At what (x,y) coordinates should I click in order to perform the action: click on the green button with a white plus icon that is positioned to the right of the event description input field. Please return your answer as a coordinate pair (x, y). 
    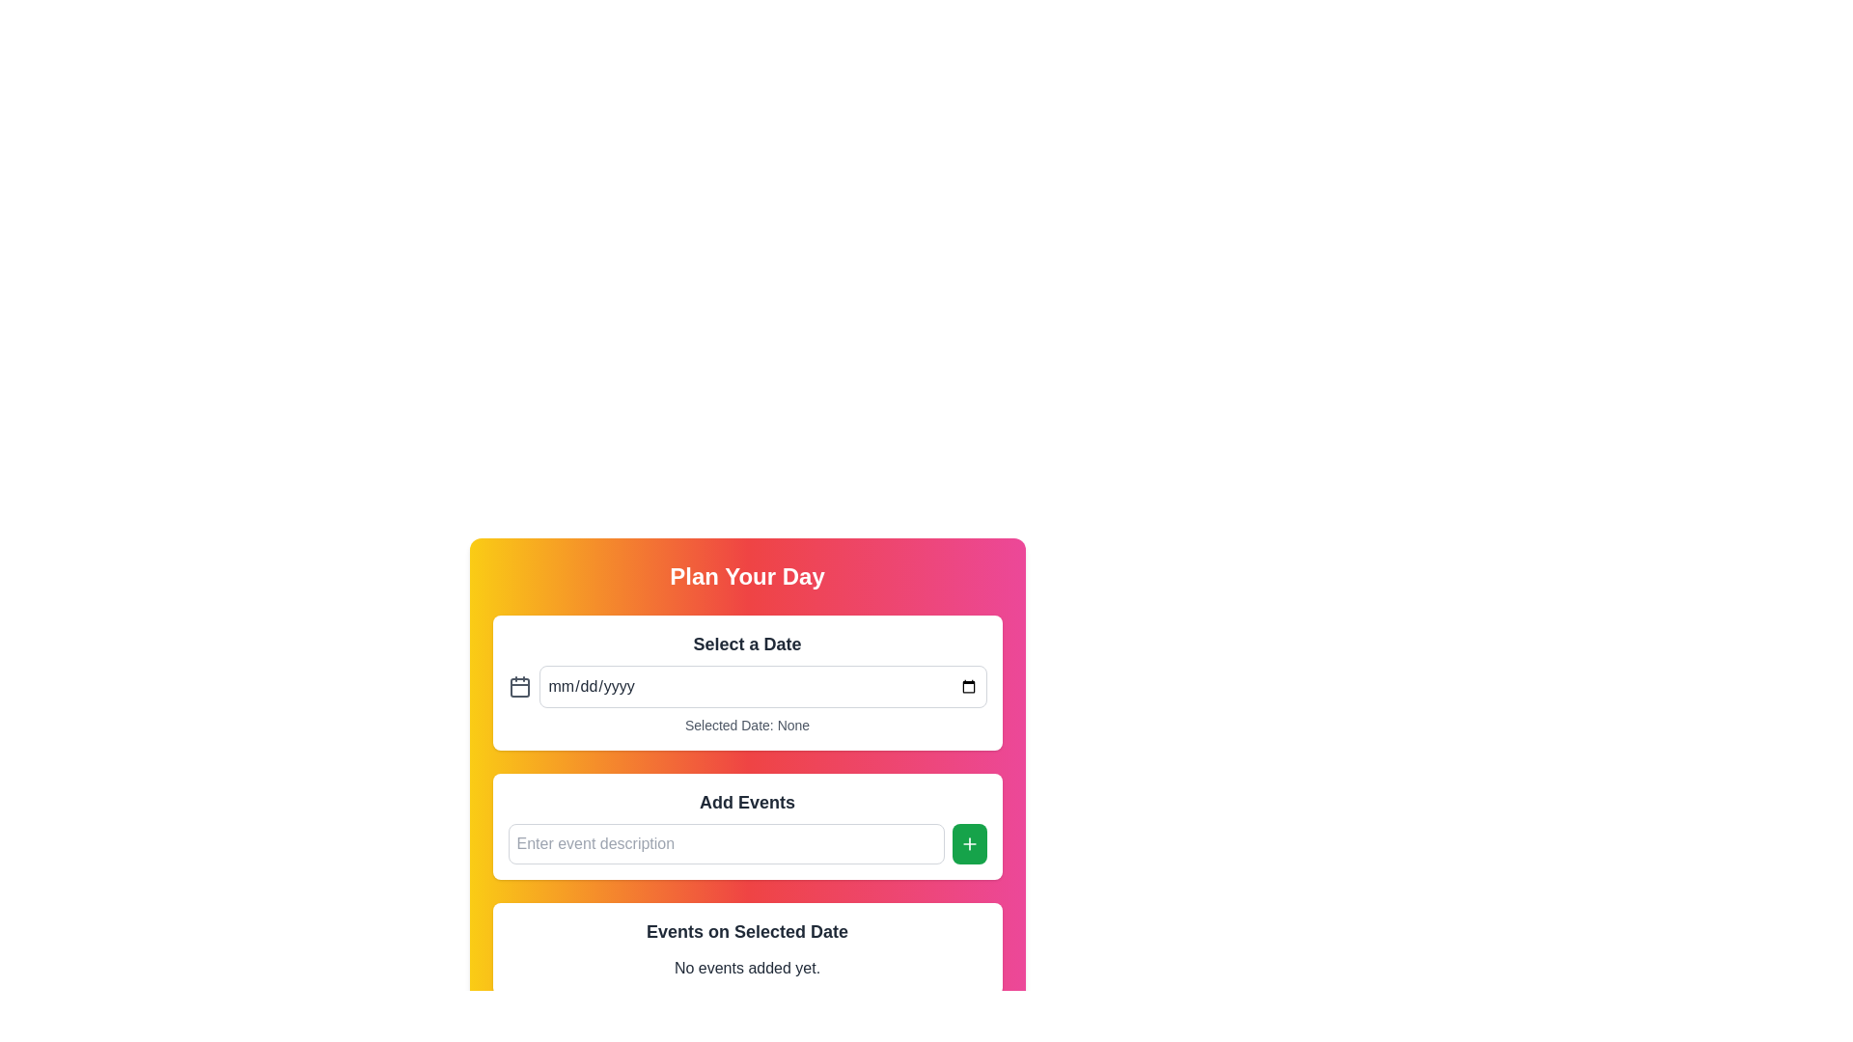
    Looking at the image, I should click on (969, 843).